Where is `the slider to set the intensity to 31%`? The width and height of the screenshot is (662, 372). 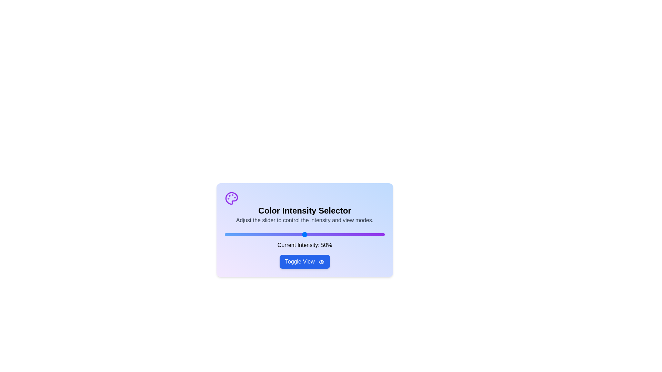
the slider to set the intensity to 31% is located at coordinates (274, 234).